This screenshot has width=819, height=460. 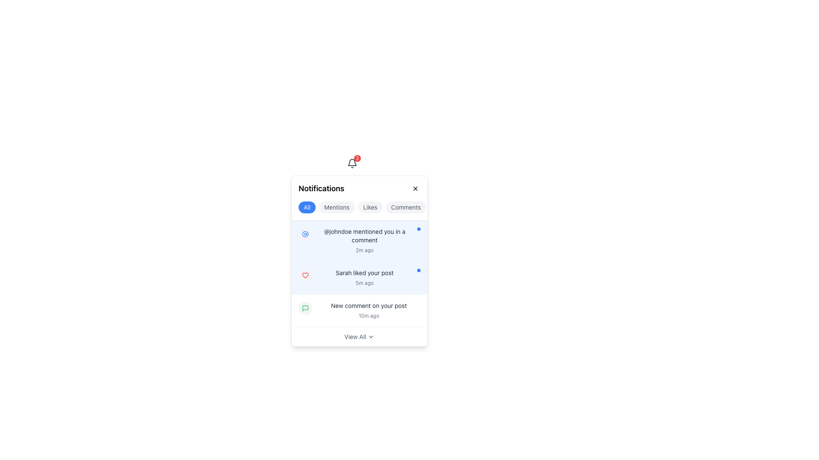 What do you see at coordinates (364, 283) in the screenshot?
I see `text label indicating the time elapsed since the notification about 'Sarah liked your post' occurred, which is horizontally centered under that notification` at bounding box center [364, 283].